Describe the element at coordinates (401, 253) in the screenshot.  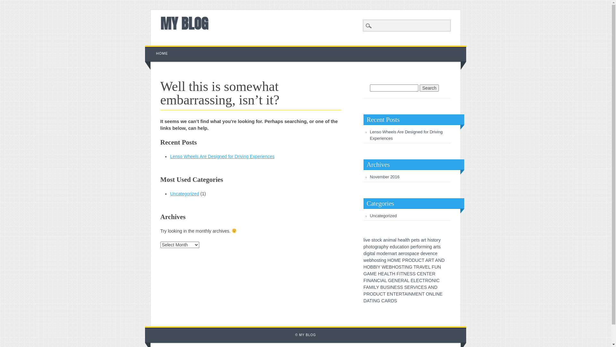
I see `'e'` at that location.